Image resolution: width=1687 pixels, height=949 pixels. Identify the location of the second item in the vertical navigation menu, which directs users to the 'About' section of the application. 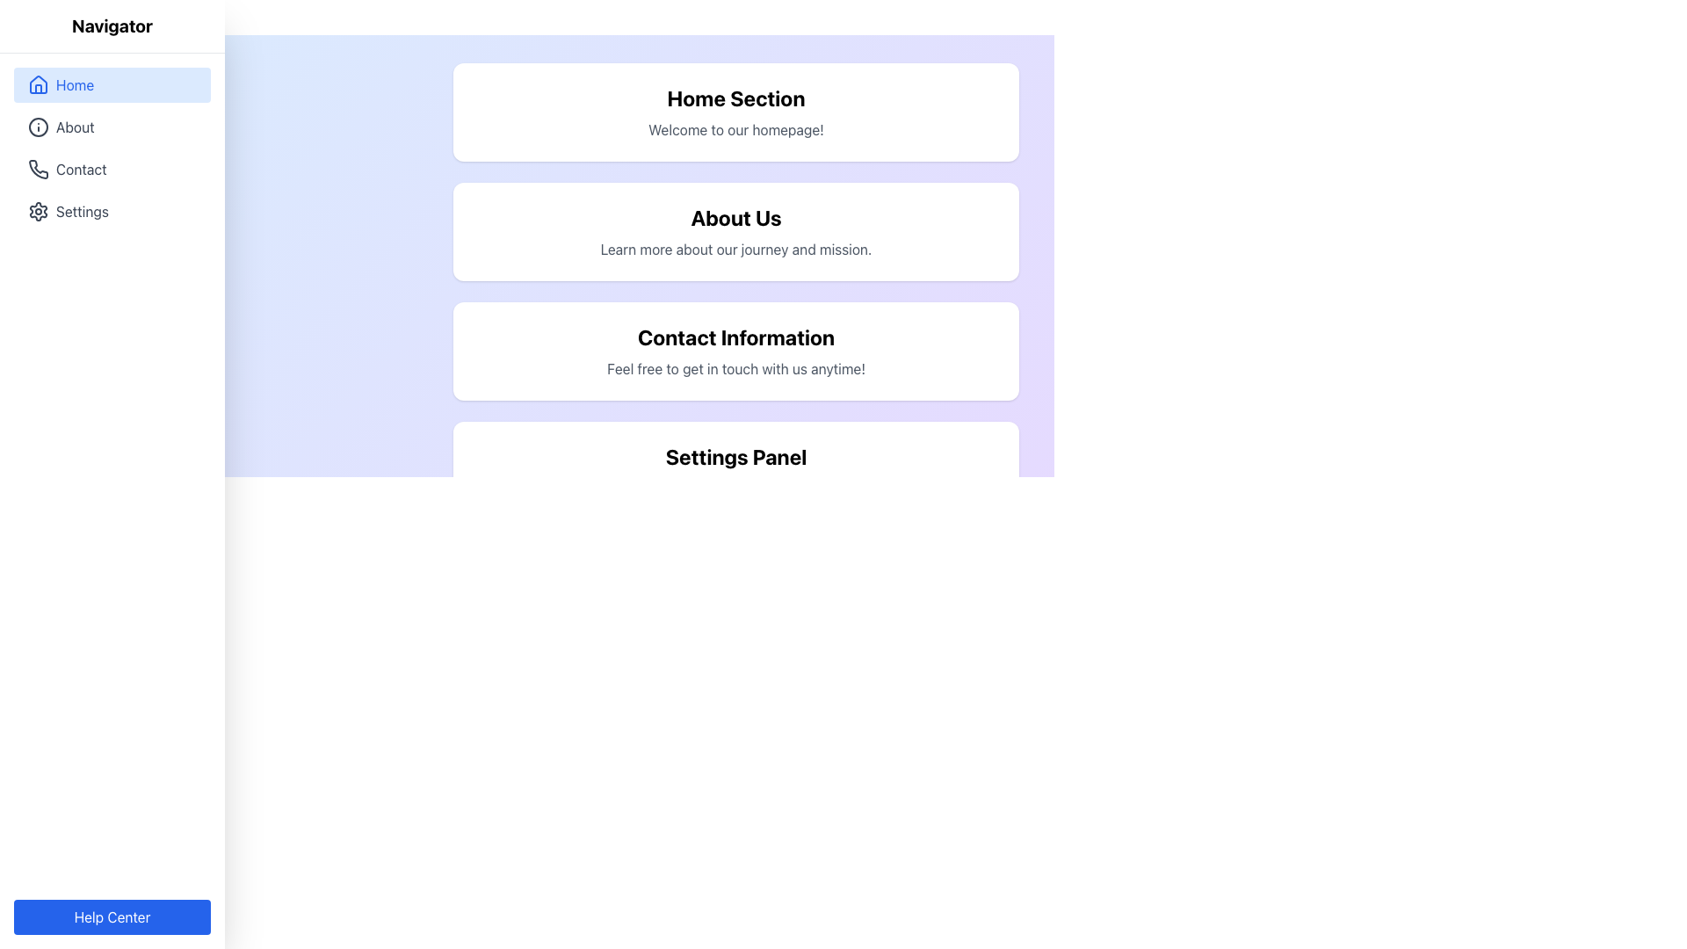
(112, 127).